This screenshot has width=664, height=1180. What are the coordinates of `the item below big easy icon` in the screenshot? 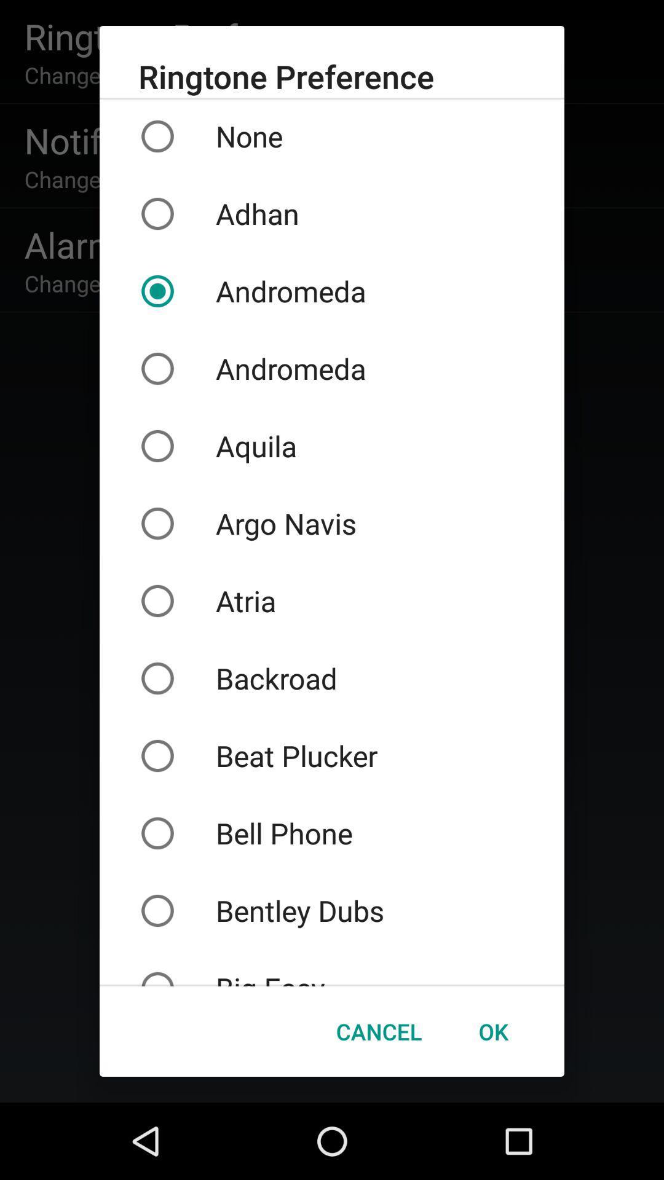 It's located at (492, 1031).